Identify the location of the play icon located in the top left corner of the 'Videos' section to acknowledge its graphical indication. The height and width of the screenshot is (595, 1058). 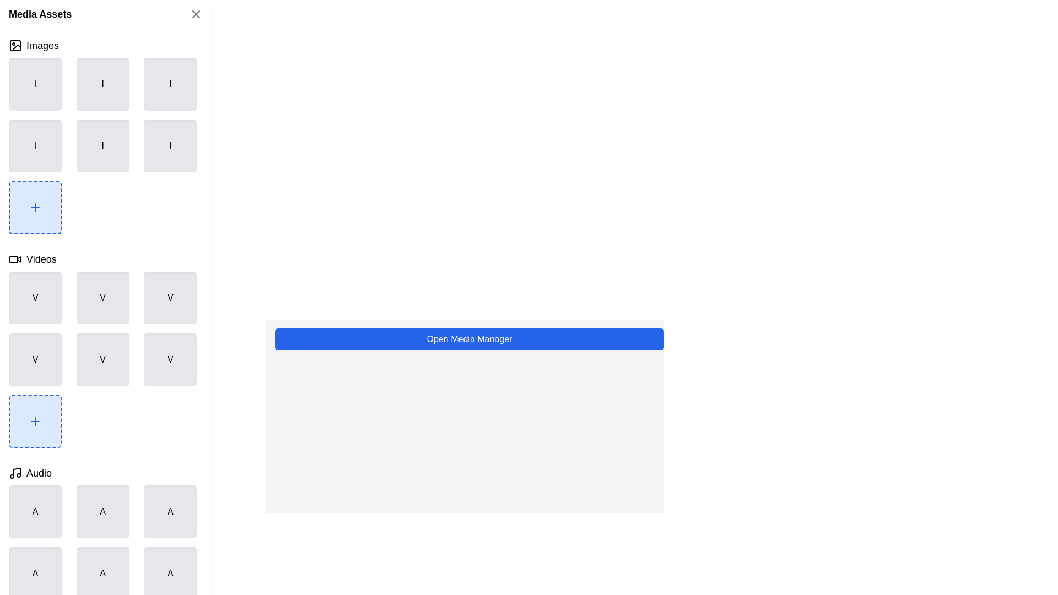
(19, 259).